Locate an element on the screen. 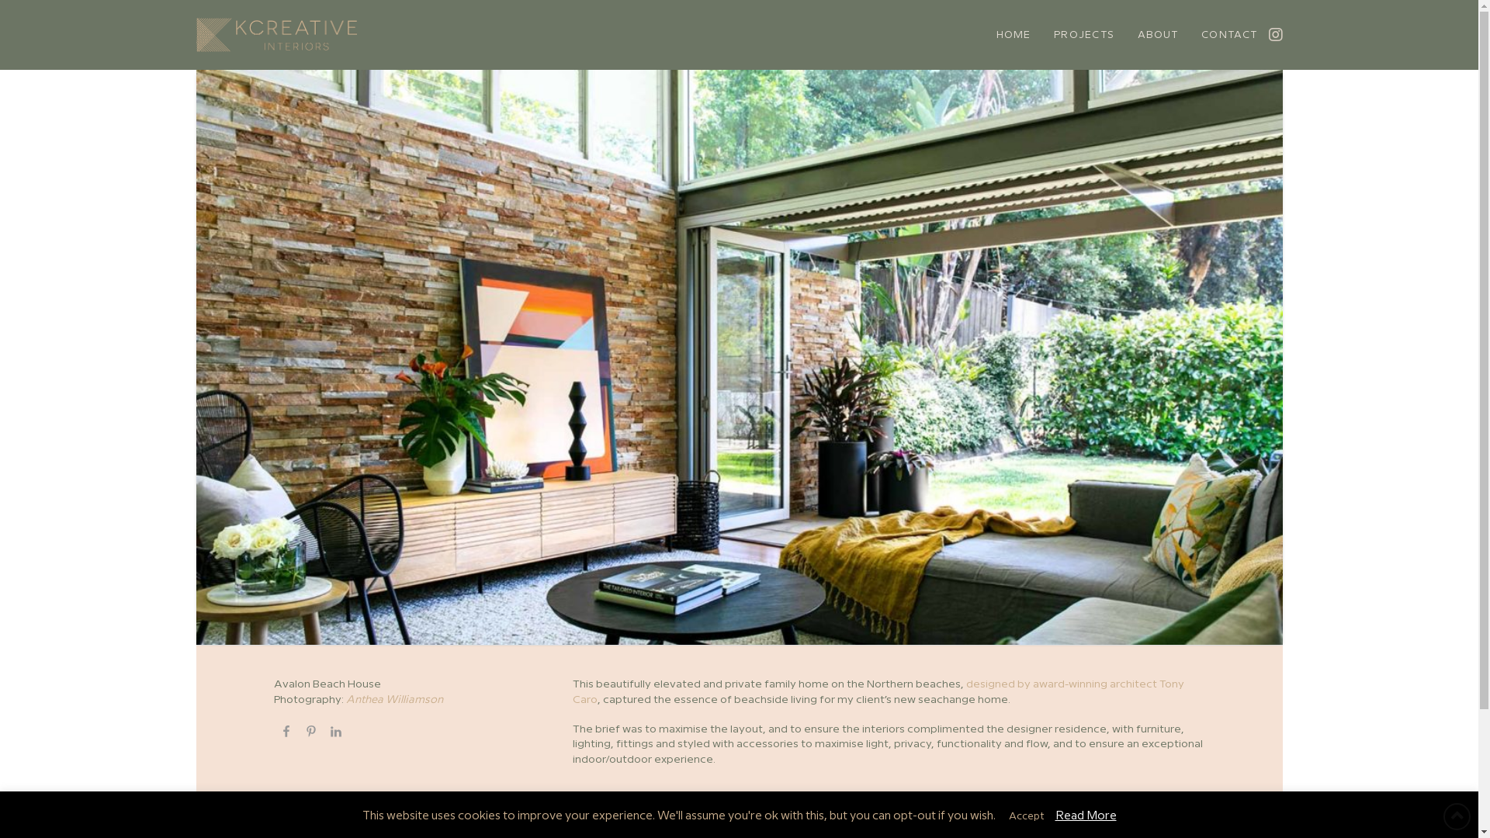 This screenshot has height=838, width=1490. 'Read More' is located at coordinates (1085, 815).